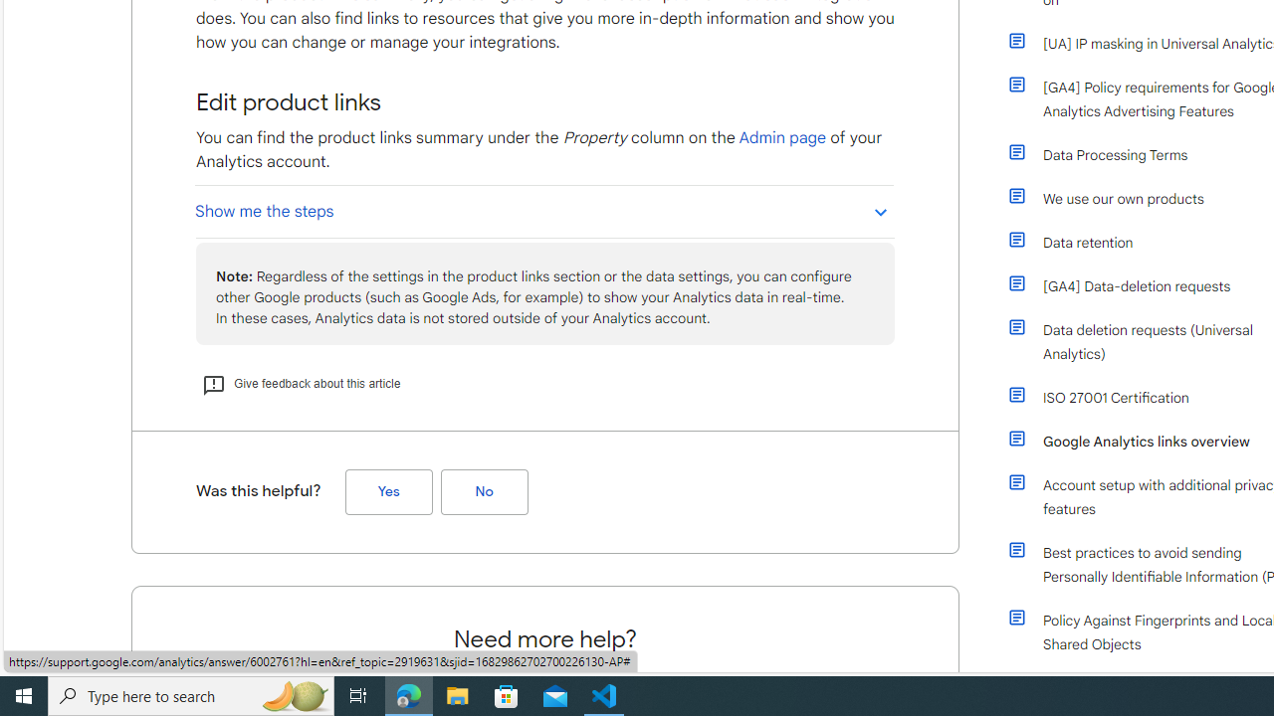 The height and width of the screenshot is (716, 1274). I want to click on 'Give feedback about this article', so click(301, 383).